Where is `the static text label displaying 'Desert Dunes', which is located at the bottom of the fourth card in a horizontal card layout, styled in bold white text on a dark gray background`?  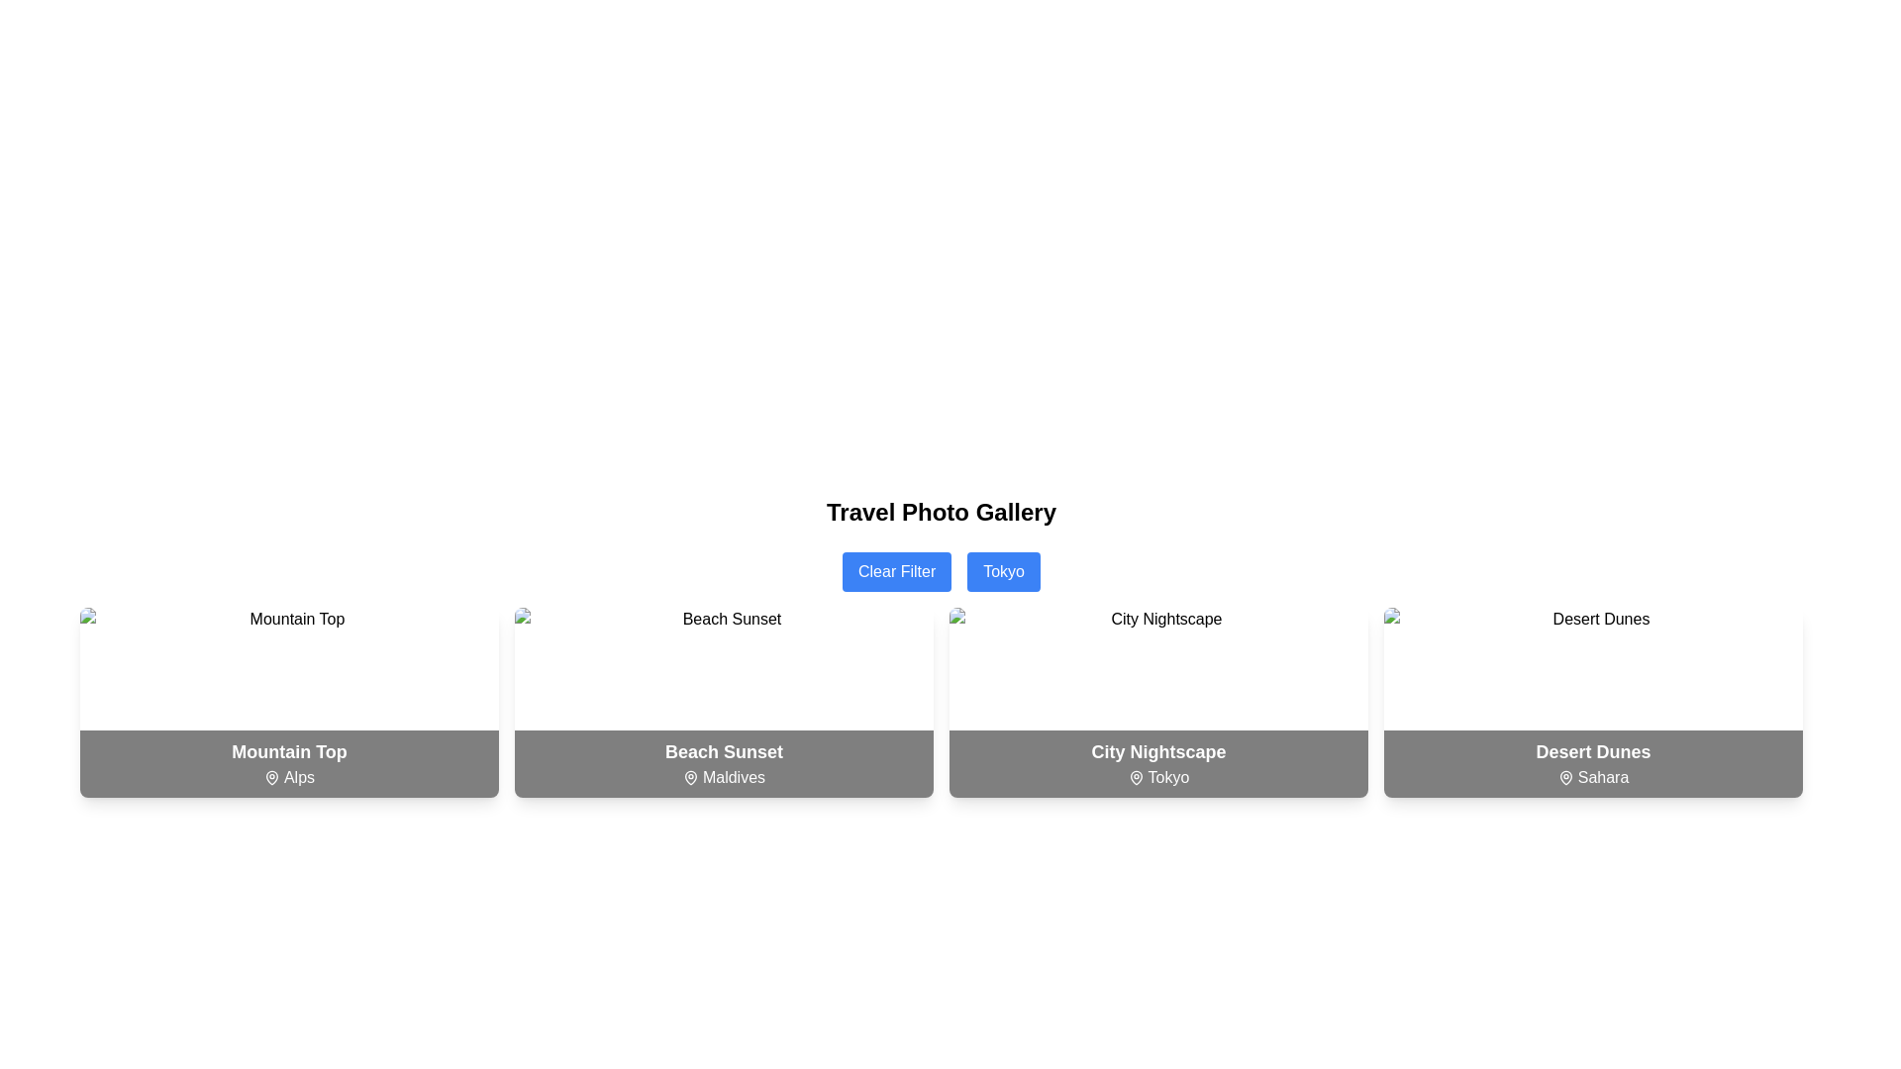 the static text label displaying 'Desert Dunes', which is located at the bottom of the fourth card in a horizontal card layout, styled in bold white text on a dark gray background is located at coordinates (1593, 751).